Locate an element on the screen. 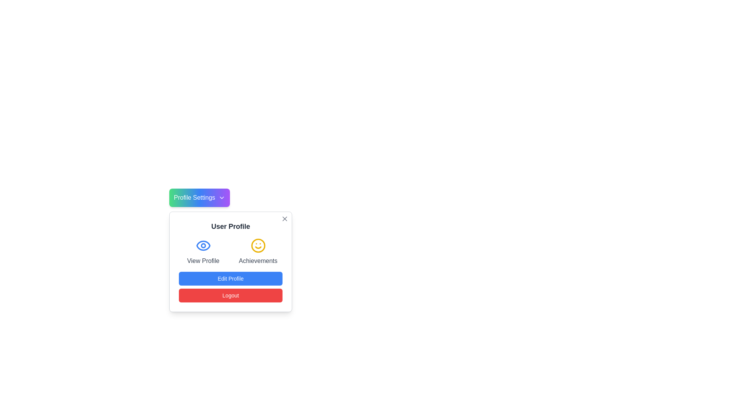 The width and height of the screenshot is (737, 414). the static text label indicating achievements, located beneath the smiley face icon in the 'User Profile' modal is located at coordinates (258, 261).